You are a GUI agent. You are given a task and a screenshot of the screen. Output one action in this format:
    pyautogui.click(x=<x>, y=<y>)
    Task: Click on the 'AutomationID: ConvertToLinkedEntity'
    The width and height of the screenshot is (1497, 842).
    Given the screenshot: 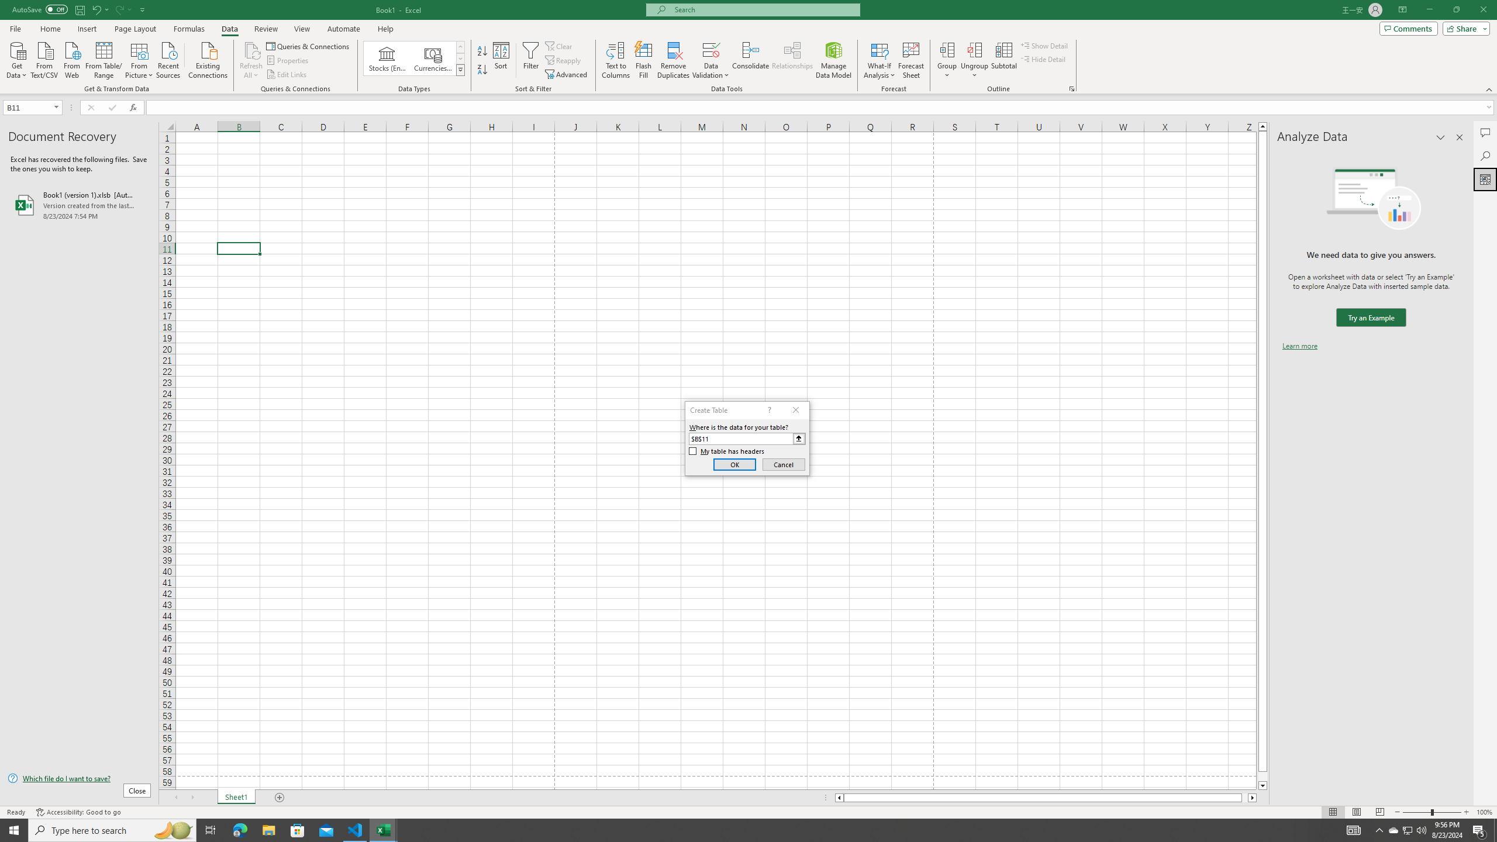 What is the action you would take?
    pyautogui.click(x=415, y=58)
    